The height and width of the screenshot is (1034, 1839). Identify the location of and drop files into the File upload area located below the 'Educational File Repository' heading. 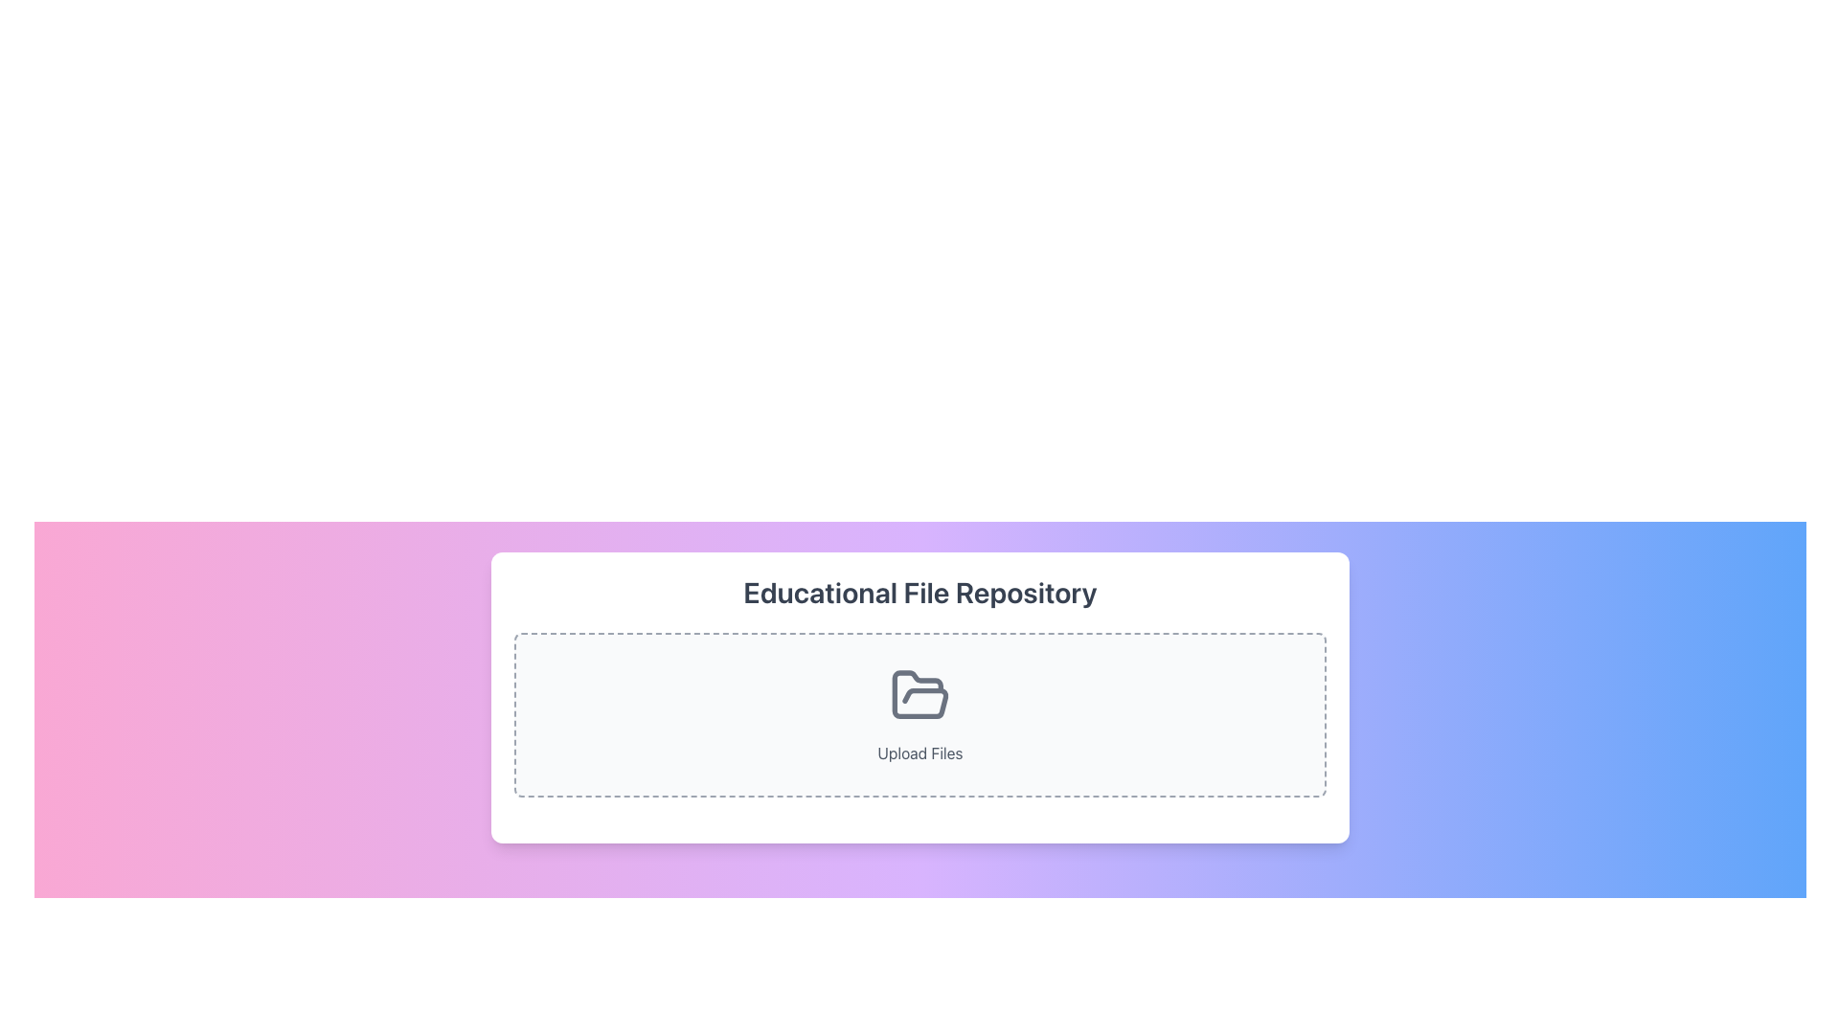
(919, 715).